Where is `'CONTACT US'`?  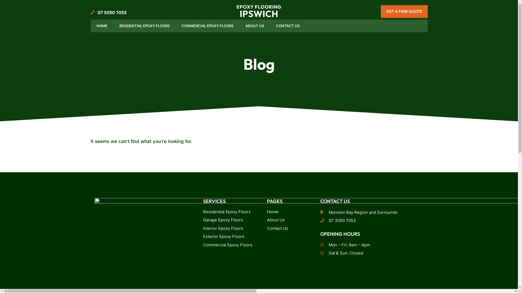
'CONTACT US' is located at coordinates (287, 26).